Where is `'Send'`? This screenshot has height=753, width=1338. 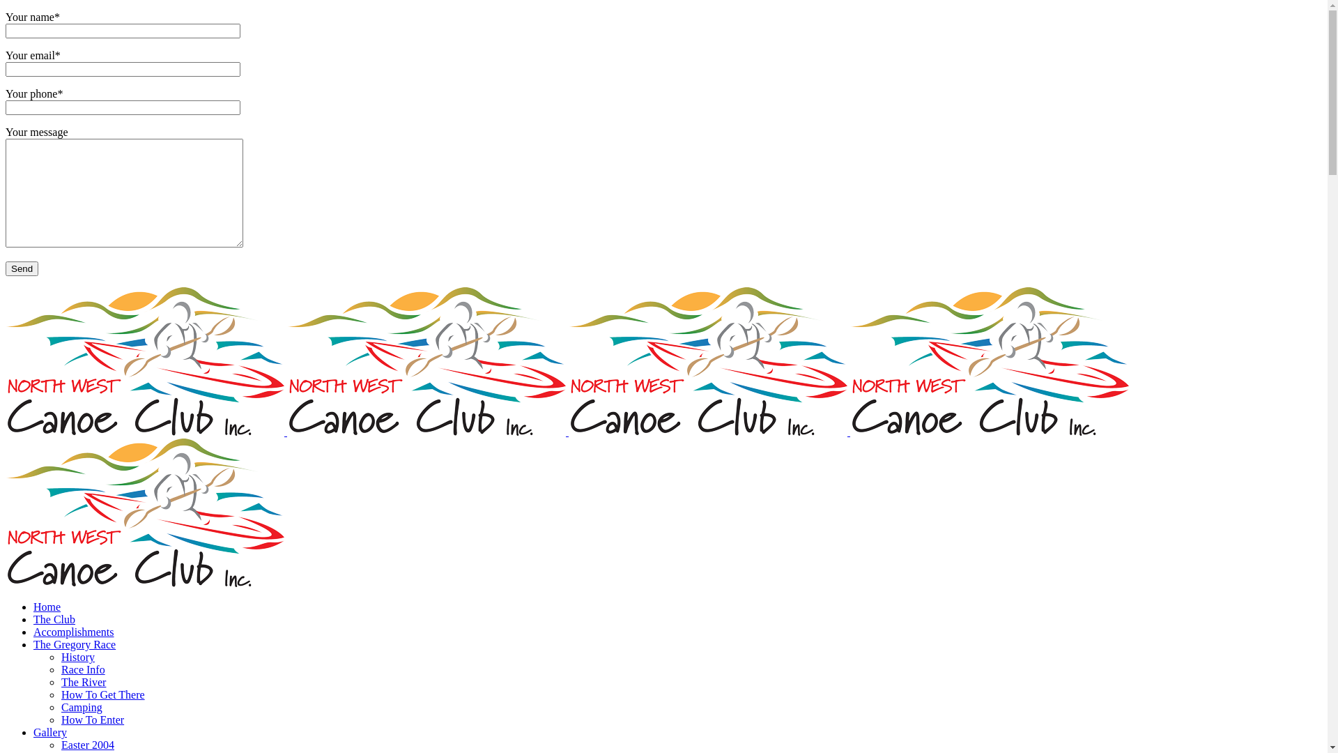 'Send' is located at coordinates (22, 268).